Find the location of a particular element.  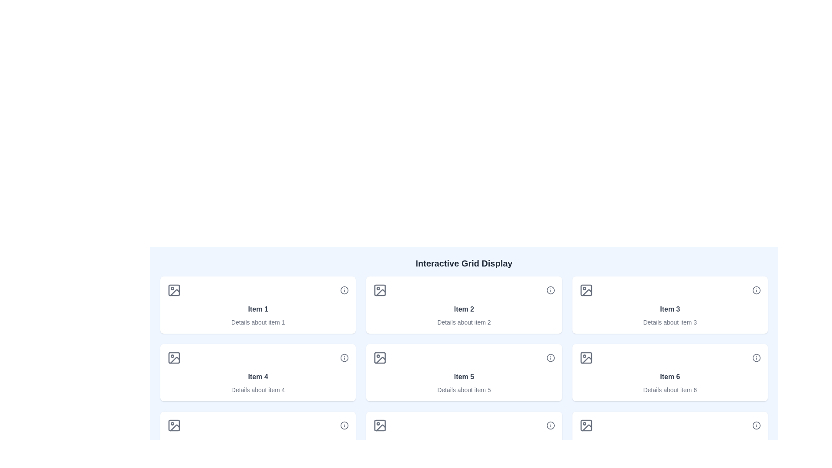

the rectangular block with a rounded border resembling an image icon, located in the second column of the second row associated with 'Item 4' is located at coordinates (174, 357).